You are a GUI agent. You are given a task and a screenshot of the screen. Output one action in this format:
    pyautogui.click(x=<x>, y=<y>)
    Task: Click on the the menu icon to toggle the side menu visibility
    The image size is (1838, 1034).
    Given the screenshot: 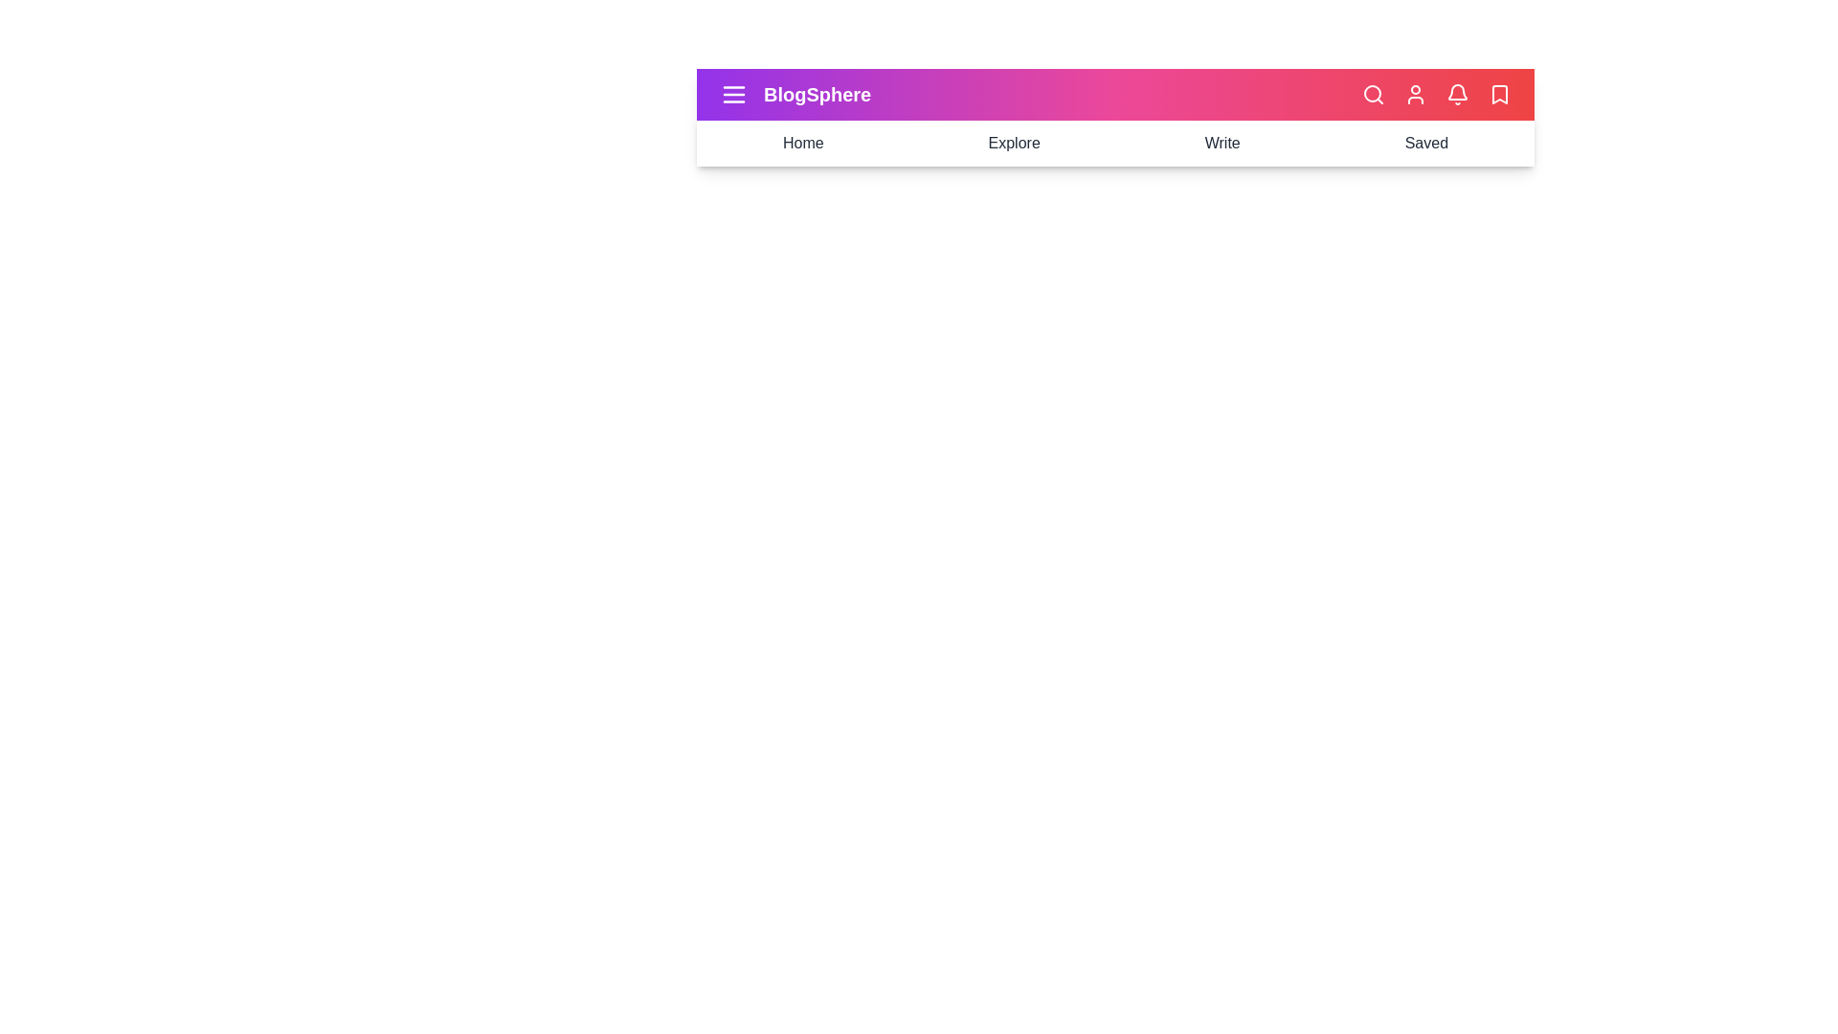 What is the action you would take?
    pyautogui.click(x=733, y=95)
    